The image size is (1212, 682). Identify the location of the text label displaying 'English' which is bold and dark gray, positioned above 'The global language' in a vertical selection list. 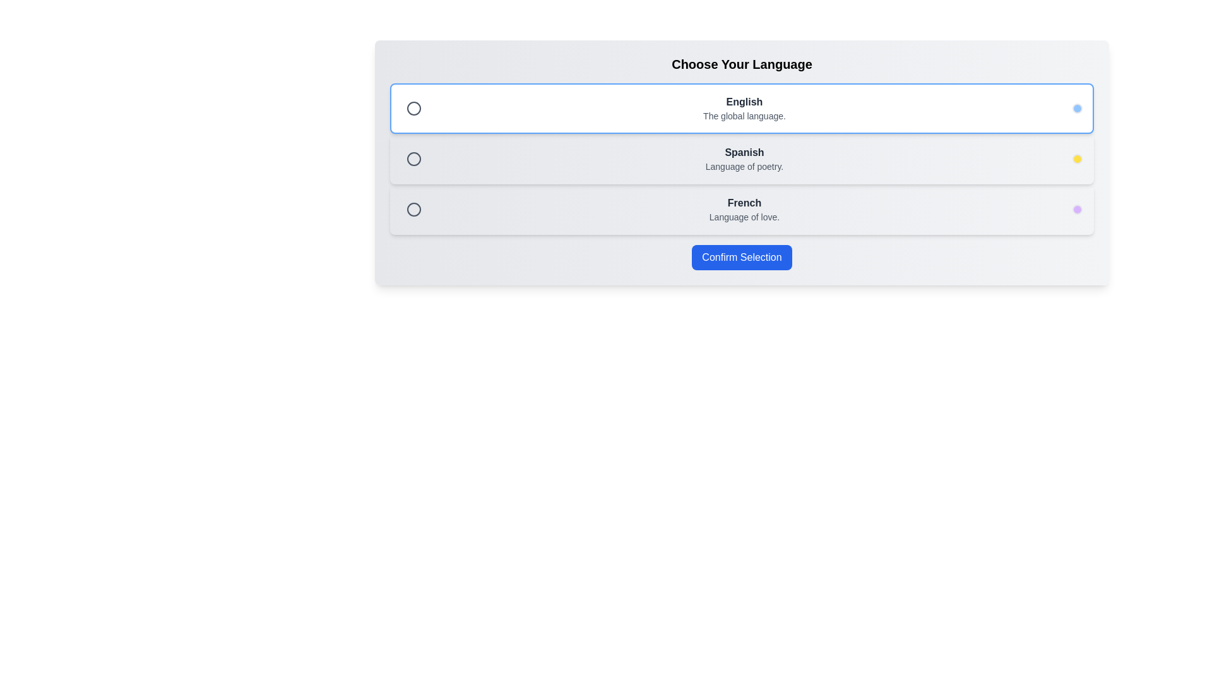
(744, 102).